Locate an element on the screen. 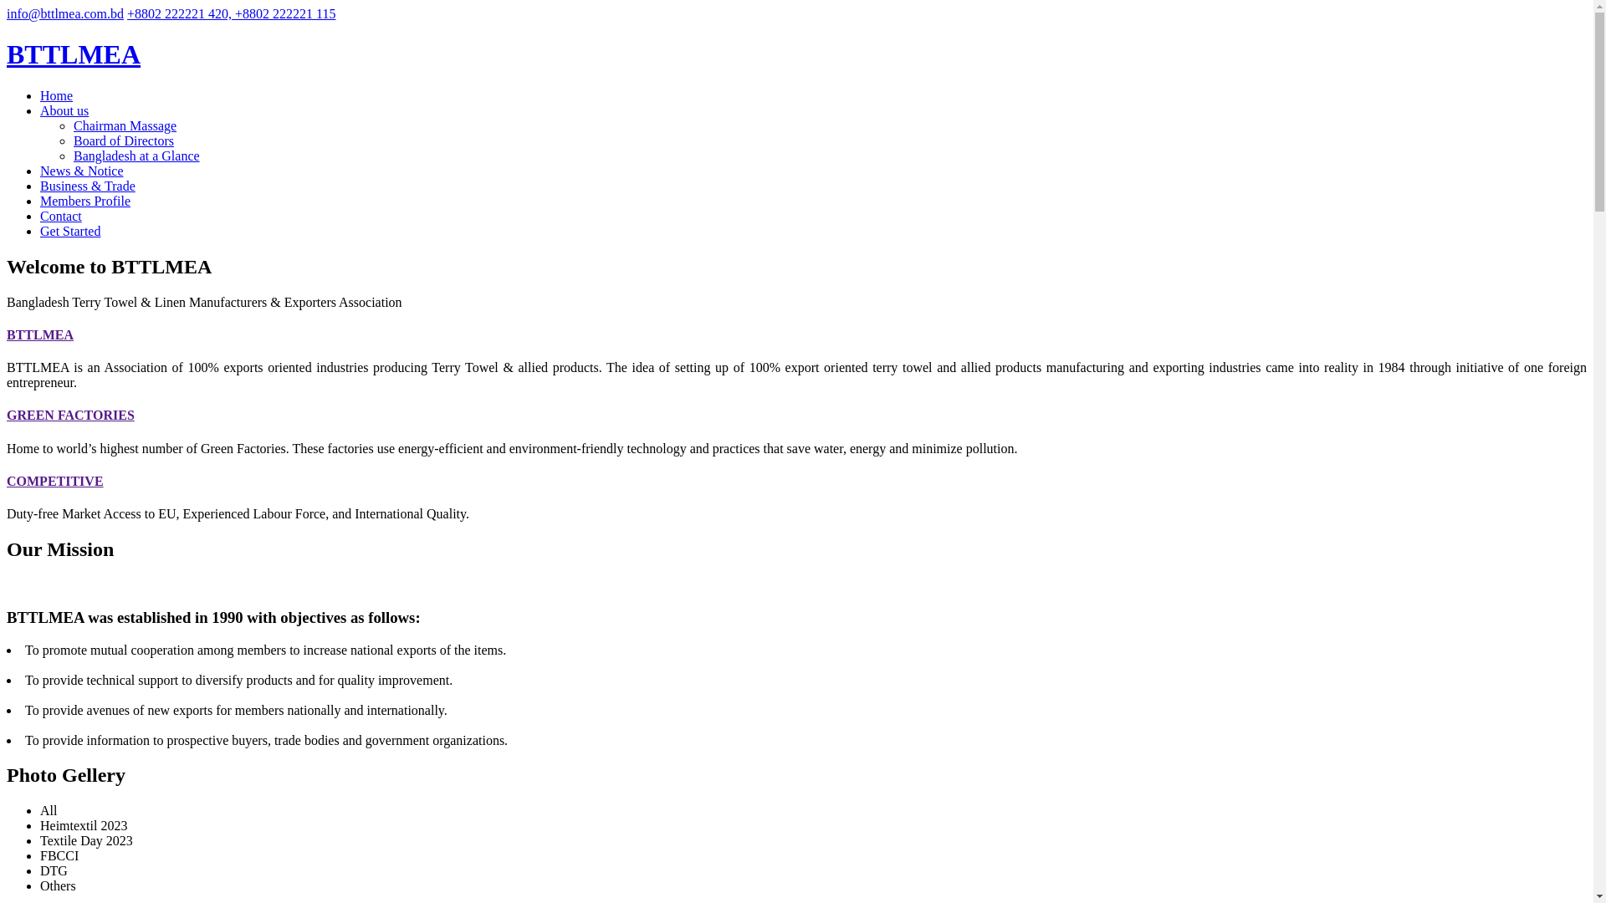 This screenshot has height=903, width=1606. 'BTTLMEA' is located at coordinates (40, 334).